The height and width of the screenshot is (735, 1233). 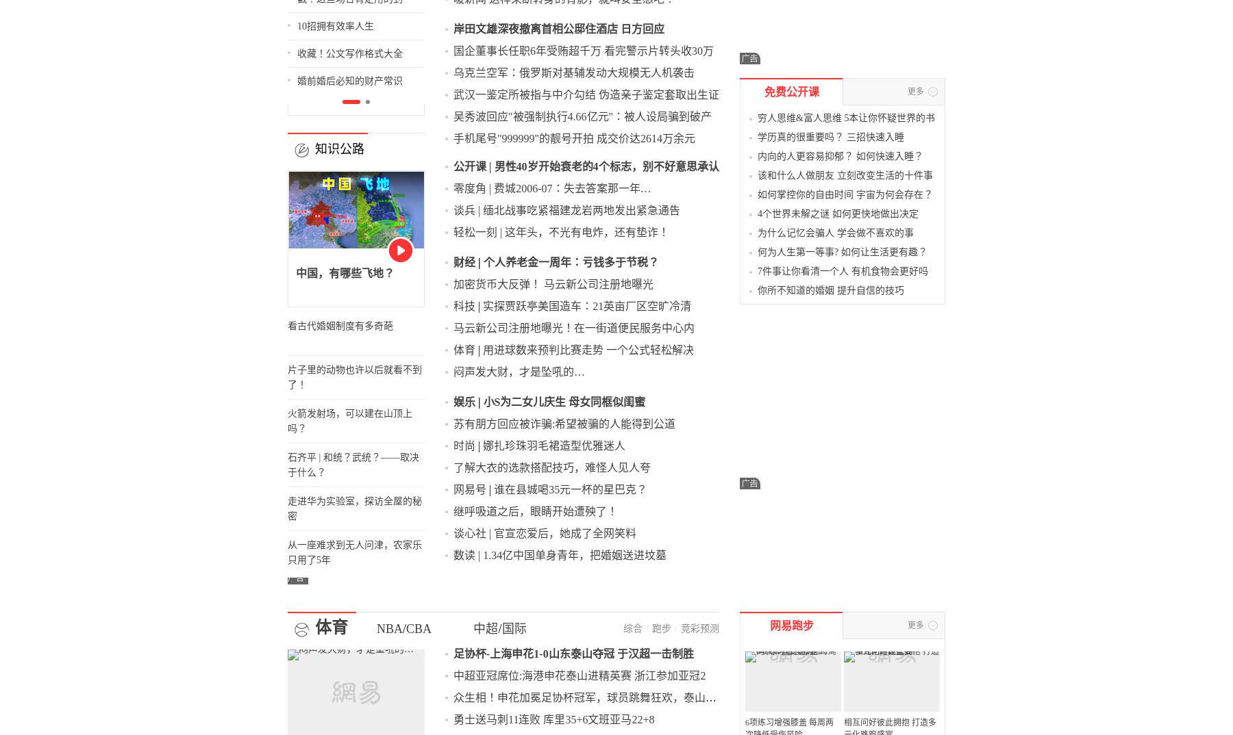 I want to click on '实探贾跃亭美国造车：21英亩厂区空旷冷清', so click(x=650, y=203).